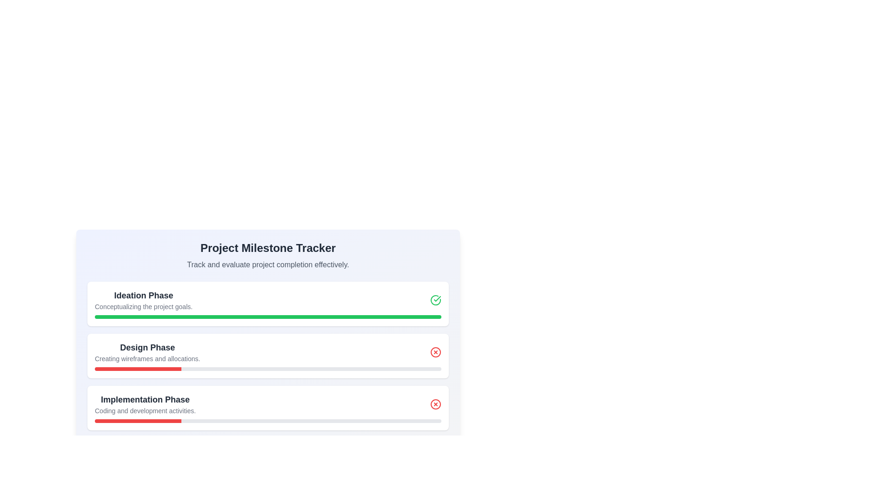 This screenshot has height=502, width=893. What do you see at coordinates (143, 306) in the screenshot?
I see `text label containing 'Conceptualizing the project goals.' which is located directly beneath the title 'Ideation Phase' and above the green progress bar` at bounding box center [143, 306].